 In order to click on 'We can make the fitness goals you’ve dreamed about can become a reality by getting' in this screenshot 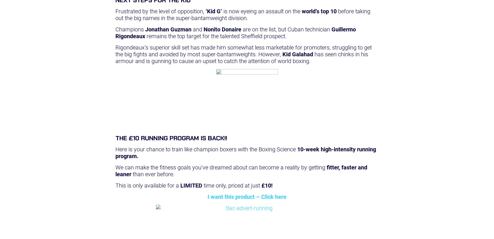, I will do `click(221, 167)`.